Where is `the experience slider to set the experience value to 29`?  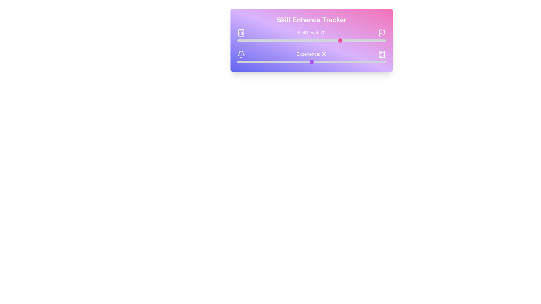
the experience slider to set the experience value to 29 is located at coordinates (280, 62).